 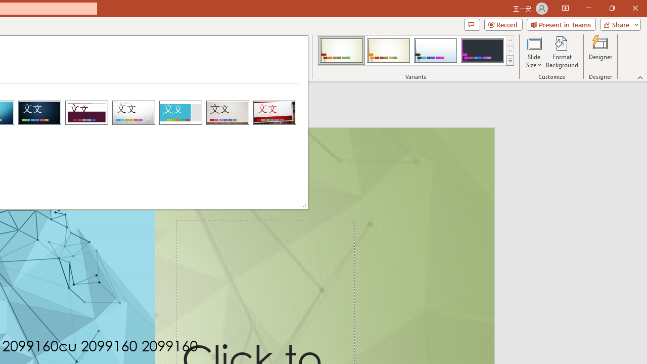 What do you see at coordinates (510, 40) in the screenshot?
I see `'Row up'` at bounding box center [510, 40].